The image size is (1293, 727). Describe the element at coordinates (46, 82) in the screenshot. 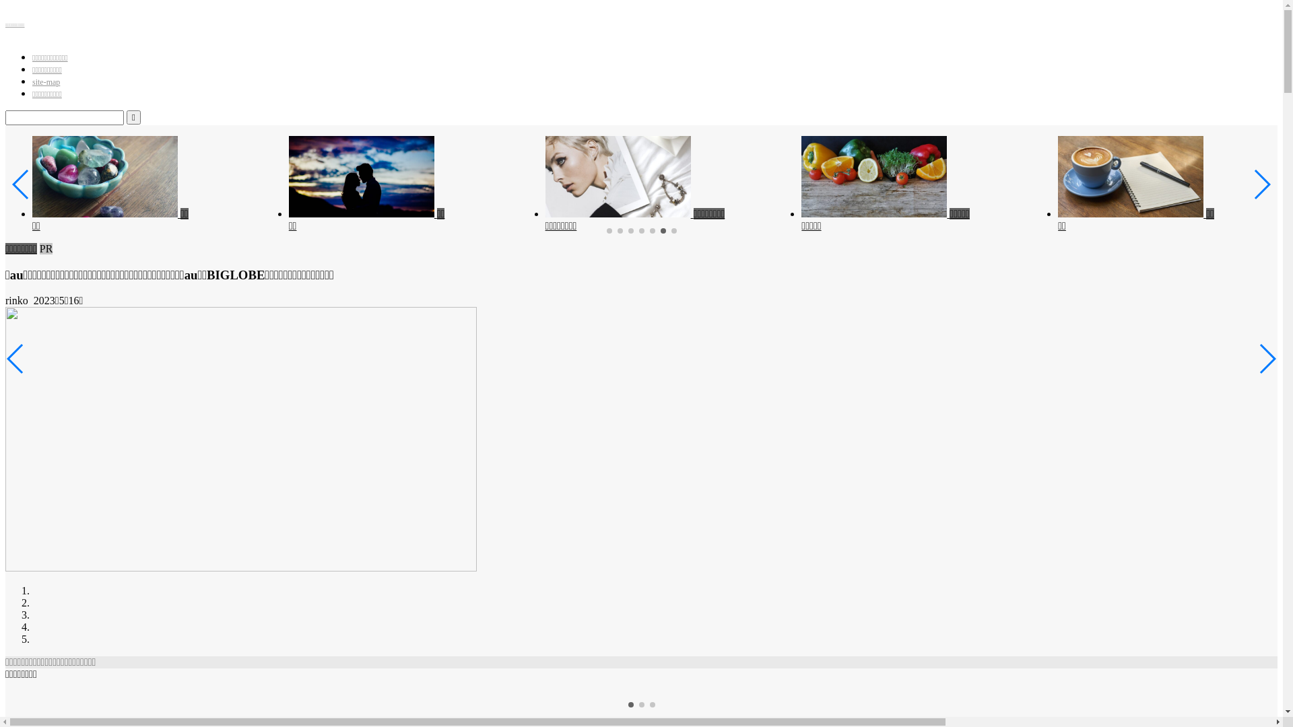

I see `'site-map'` at that location.